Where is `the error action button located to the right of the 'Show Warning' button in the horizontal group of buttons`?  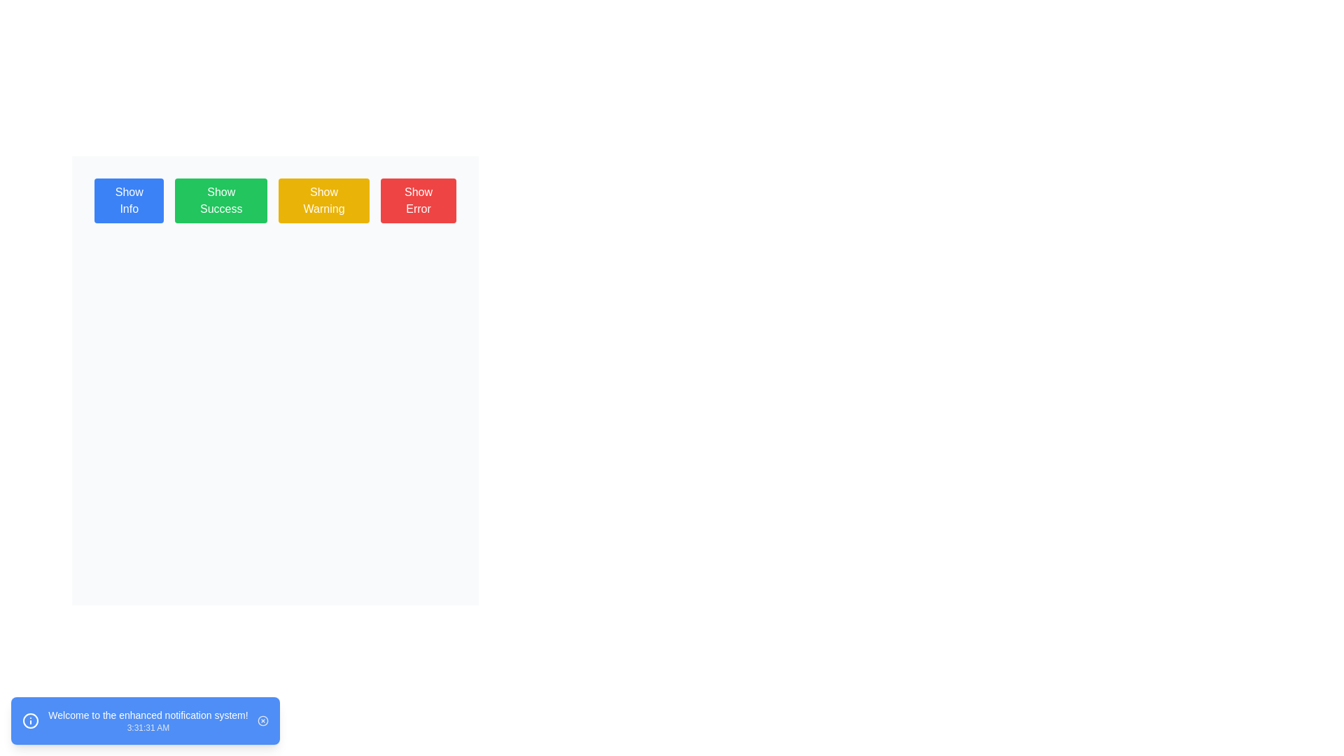
the error action button located to the right of the 'Show Warning' button in the horizontal group of buttons is located at coordinates (418, 200).